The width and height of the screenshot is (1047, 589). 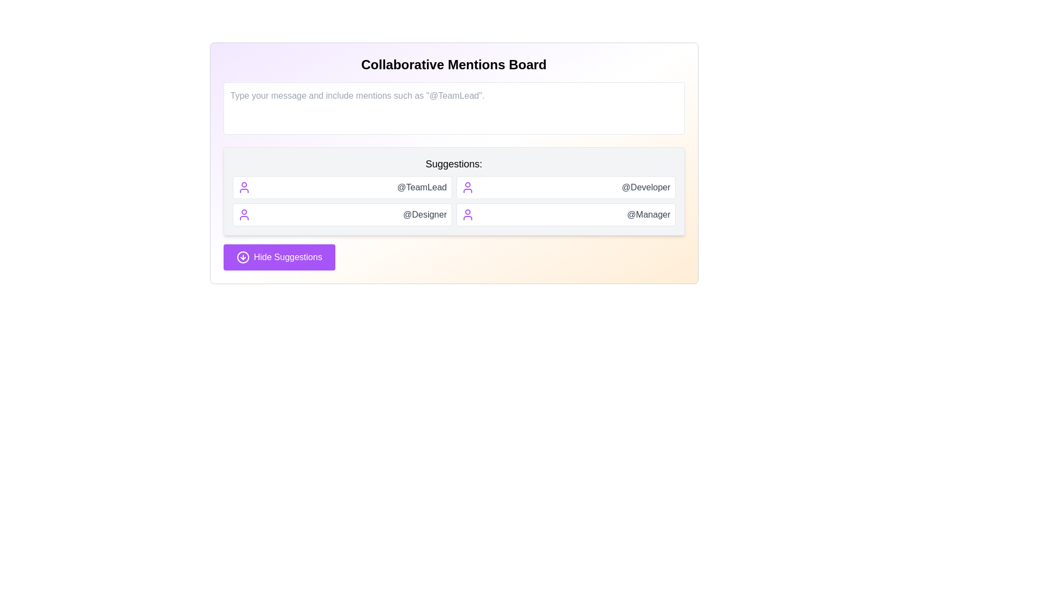 What do you see at coordinates (279, 257) in the screenshot?
I see `the 'Hide Suggestions' button with a vibrant purple background and white text` at bounding box center [279, 257].